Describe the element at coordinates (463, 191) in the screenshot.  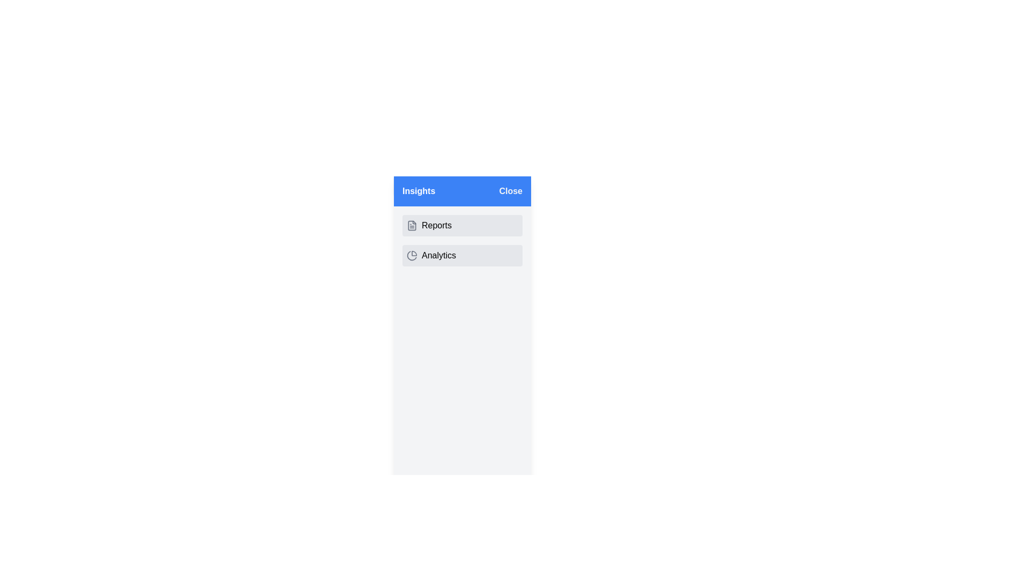
I see `the 'Insights' label on the Header bar of the side menu, which serves as a title for the section` at that location.